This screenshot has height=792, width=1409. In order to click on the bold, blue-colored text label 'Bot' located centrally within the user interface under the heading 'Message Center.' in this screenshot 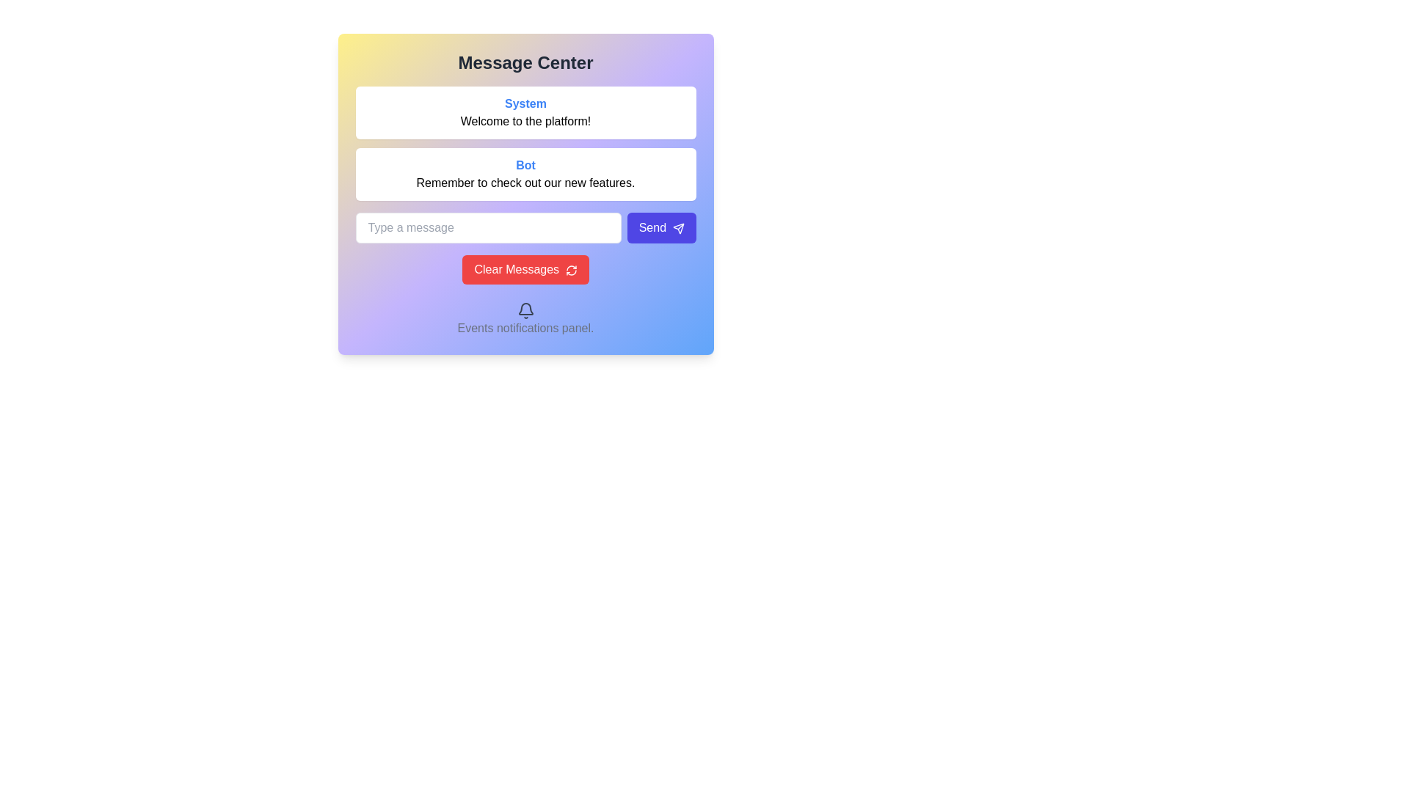, I will do `click(525, 165)`.